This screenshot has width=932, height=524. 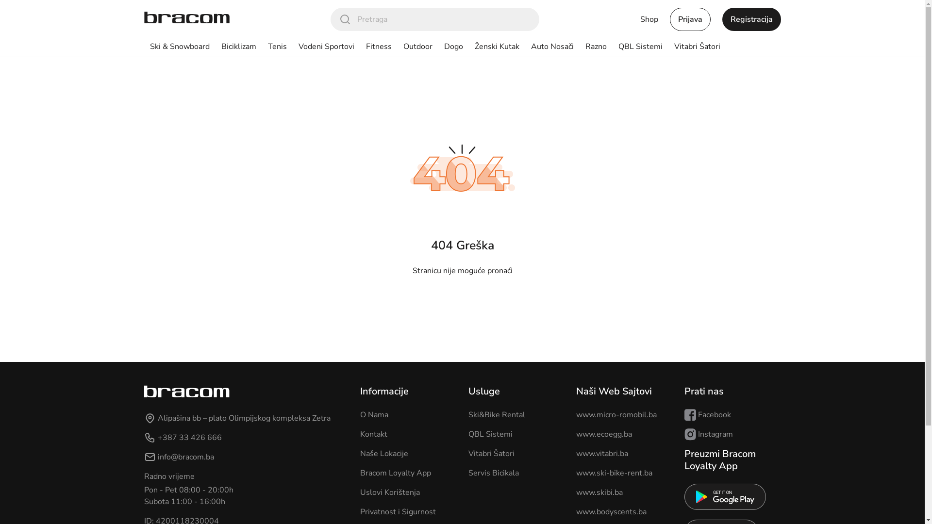 What do you see at coordinates (640, 47) in the screenshot?
I see `'QBL Sistemi'` at bounding box center [640, 47].